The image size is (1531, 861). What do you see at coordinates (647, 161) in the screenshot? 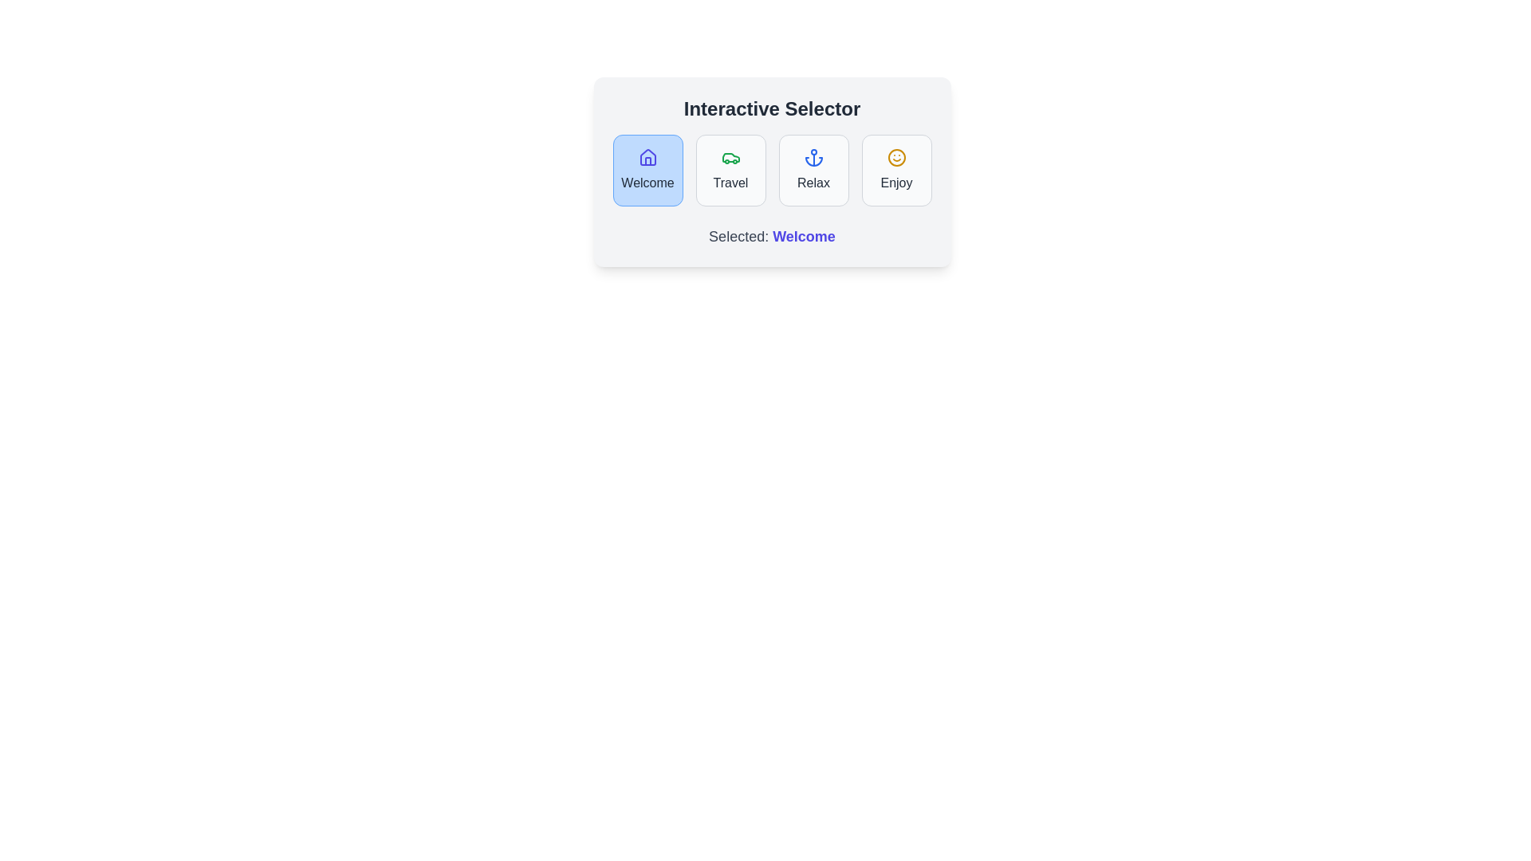
I see `the decorative door component of the home icon within the 'Welcome' button, which is the first button in a row of four at the top-center of the interface` at bounding box center [647, 161].